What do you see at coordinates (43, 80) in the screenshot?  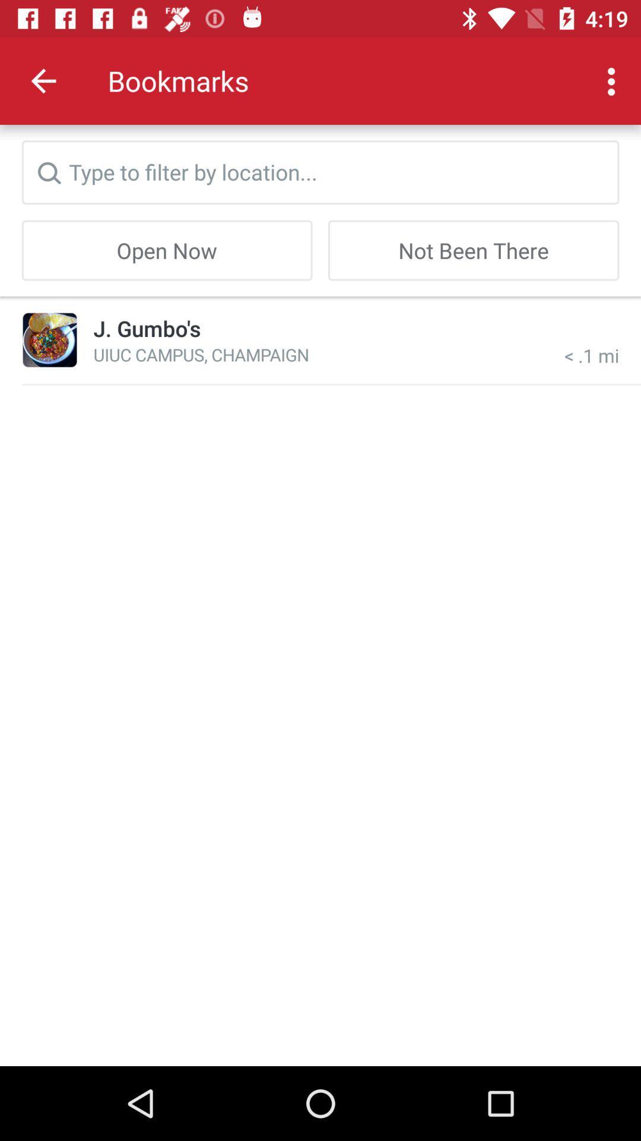 I see `item to the left of bookmarks item` at bounding box center [43, 80].